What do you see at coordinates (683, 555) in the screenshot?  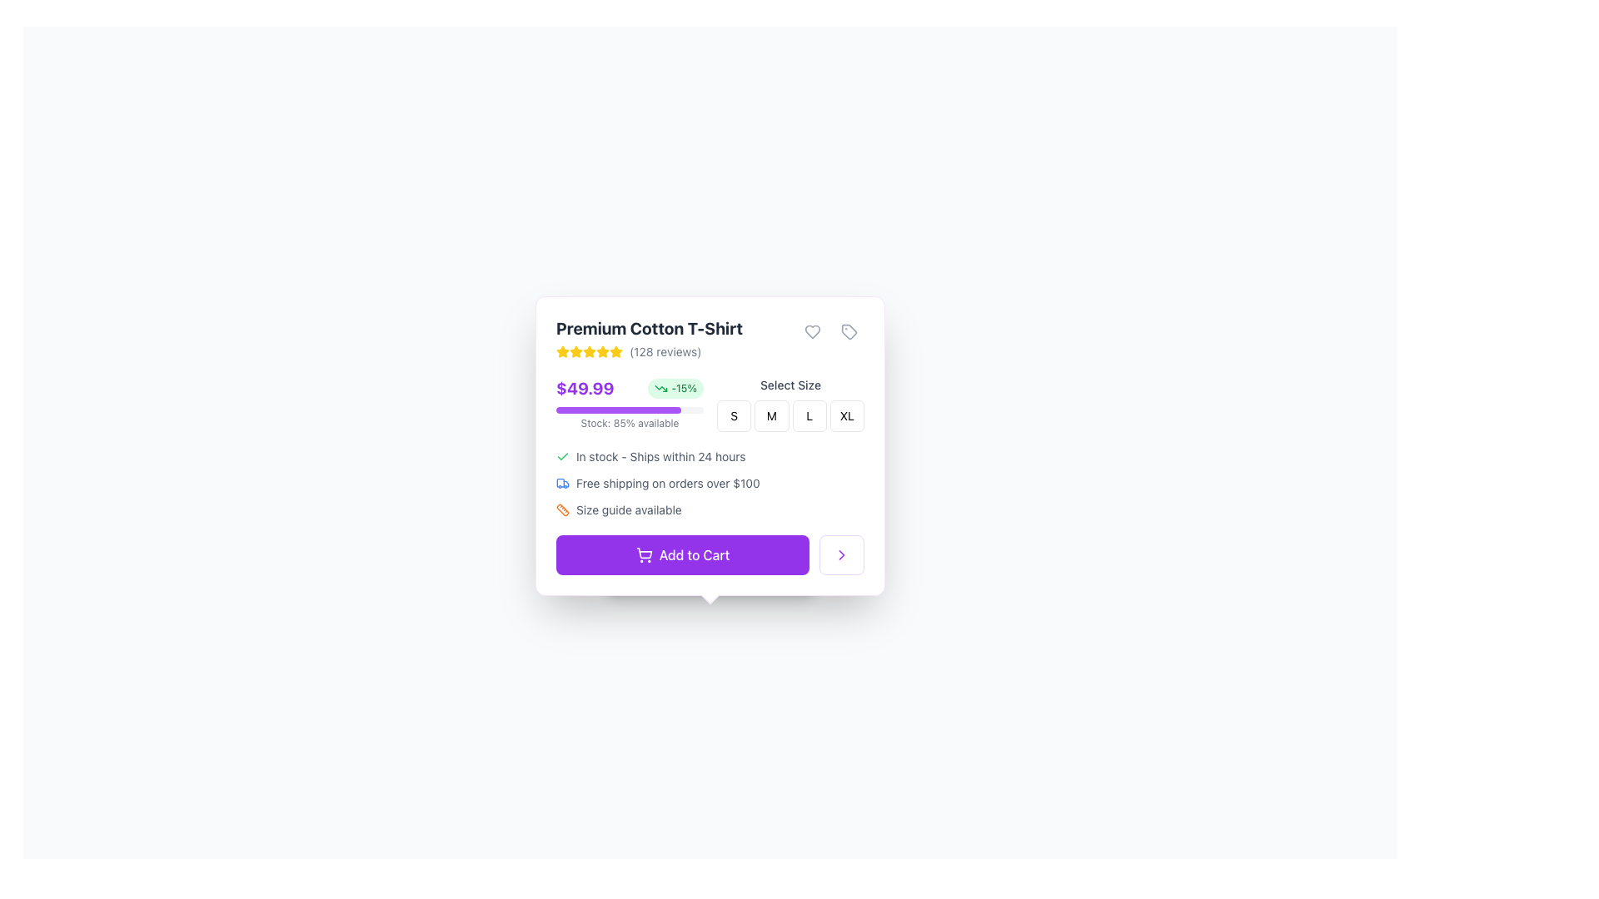 I see `the 'Add to Cart' button, which is a vibrant purple rectangular button with a shopping cart icon, located in the bottom-left corner of the product details card` at bounding box center [683, 555].